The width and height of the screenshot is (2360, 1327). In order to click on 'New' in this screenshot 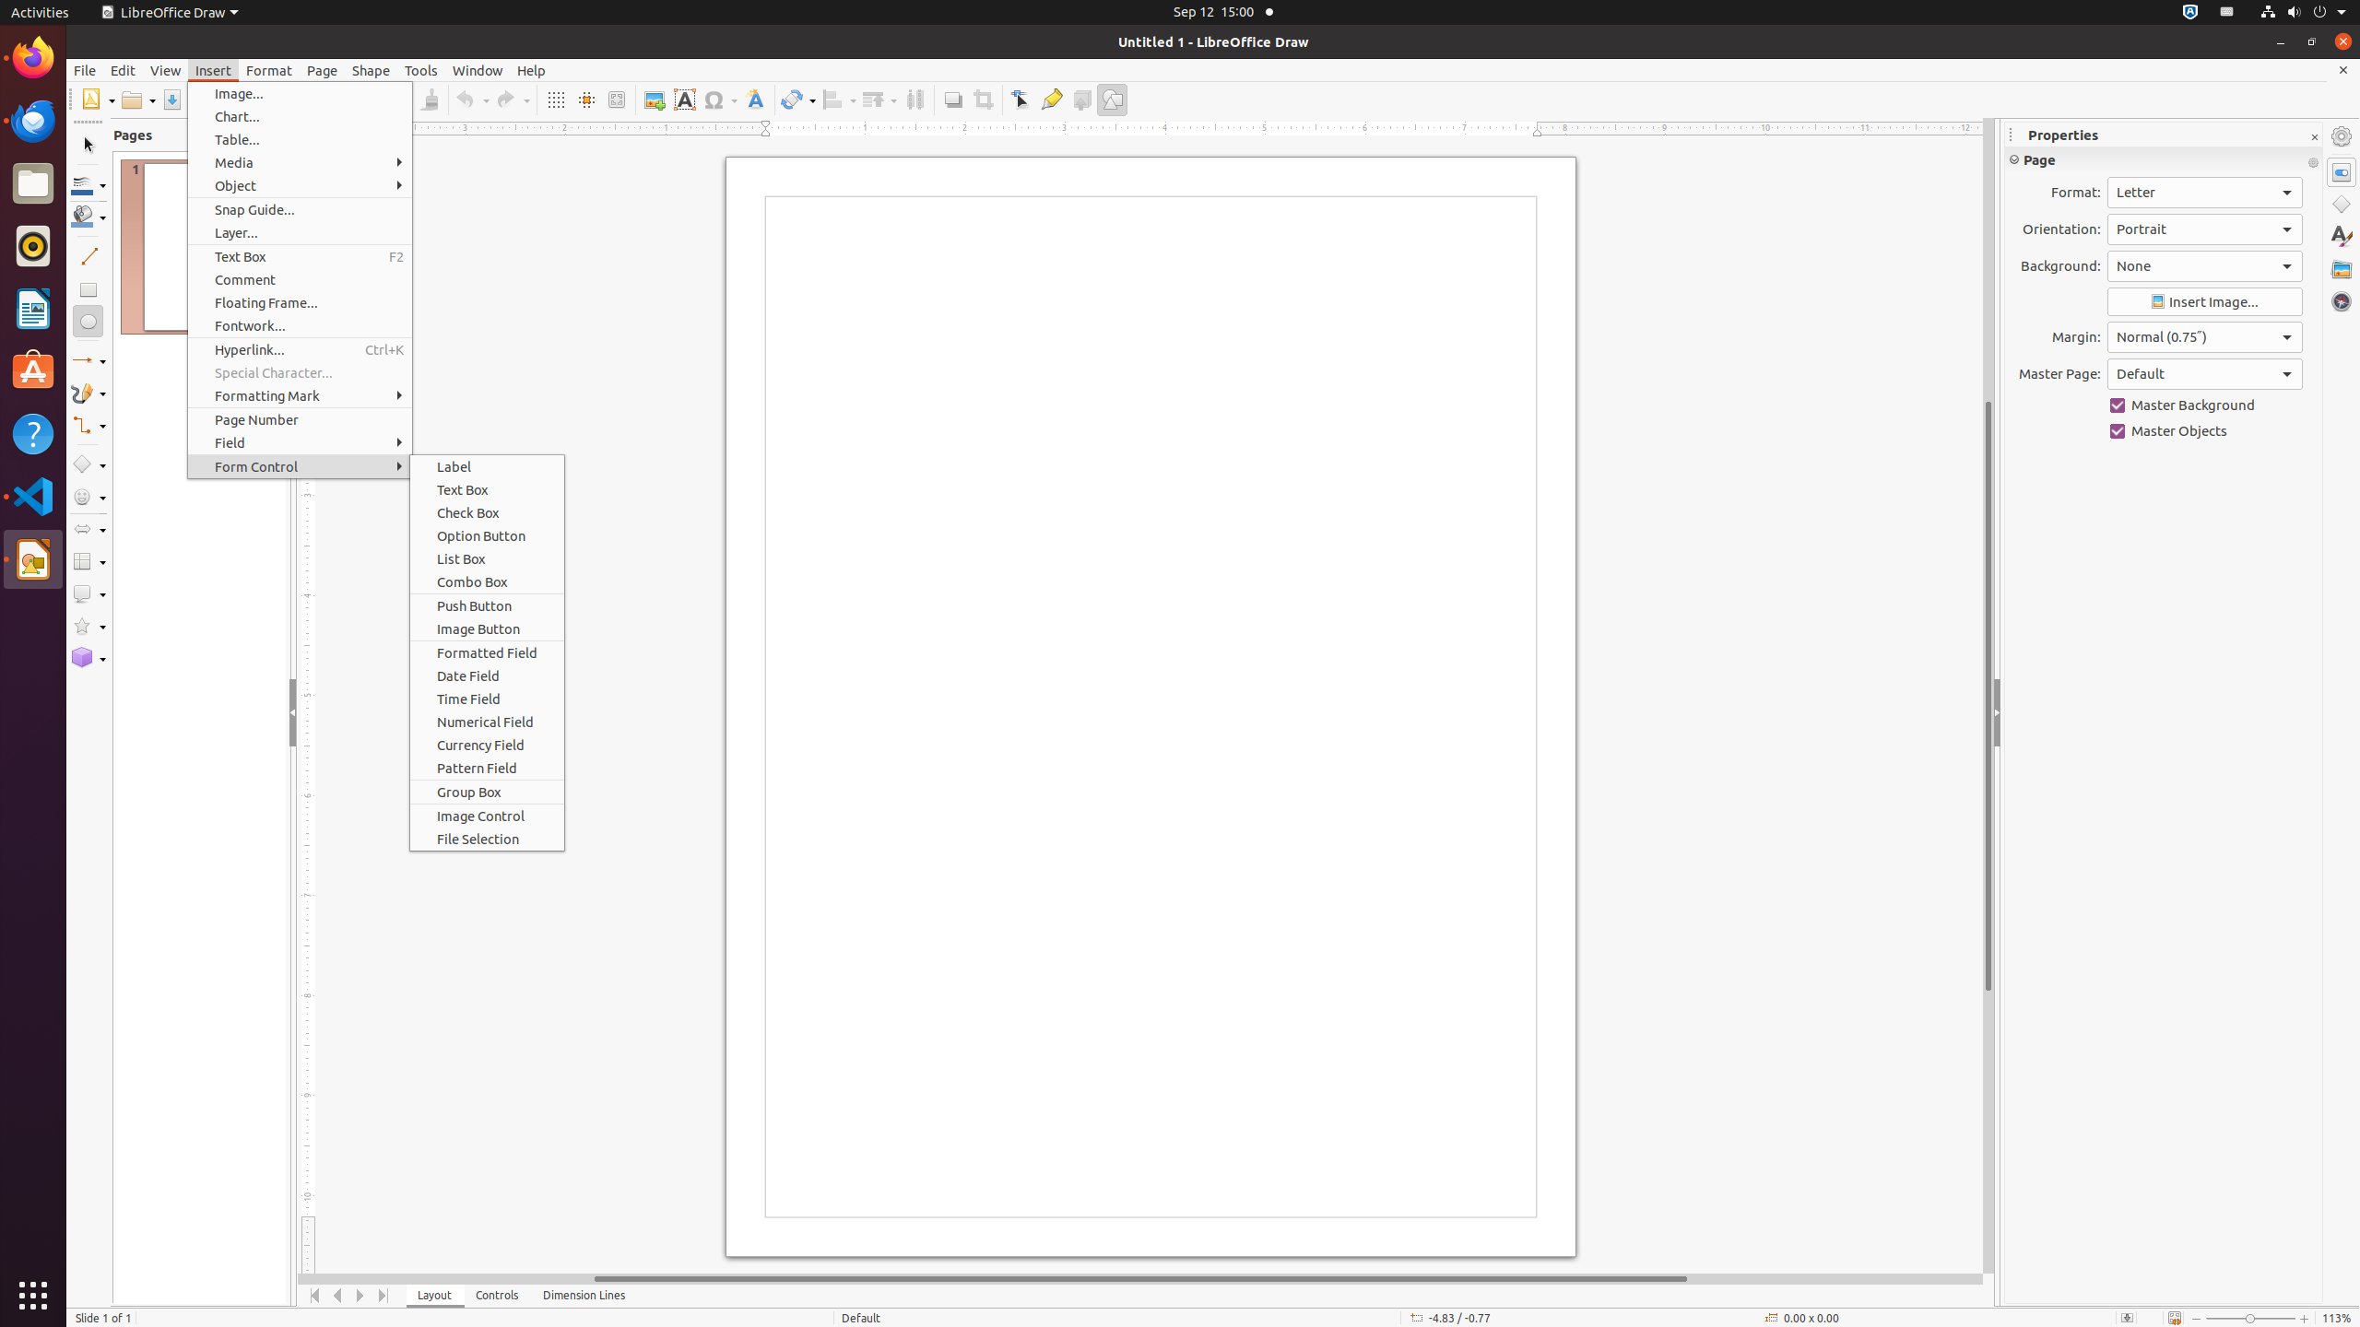, I will do `click(97, 99)`.